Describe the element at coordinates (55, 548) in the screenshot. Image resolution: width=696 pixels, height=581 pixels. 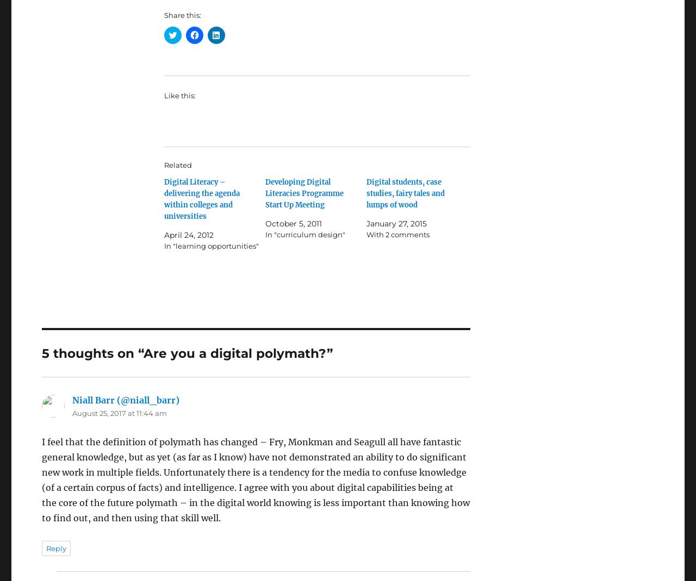
I see `'Reply'` at that location.